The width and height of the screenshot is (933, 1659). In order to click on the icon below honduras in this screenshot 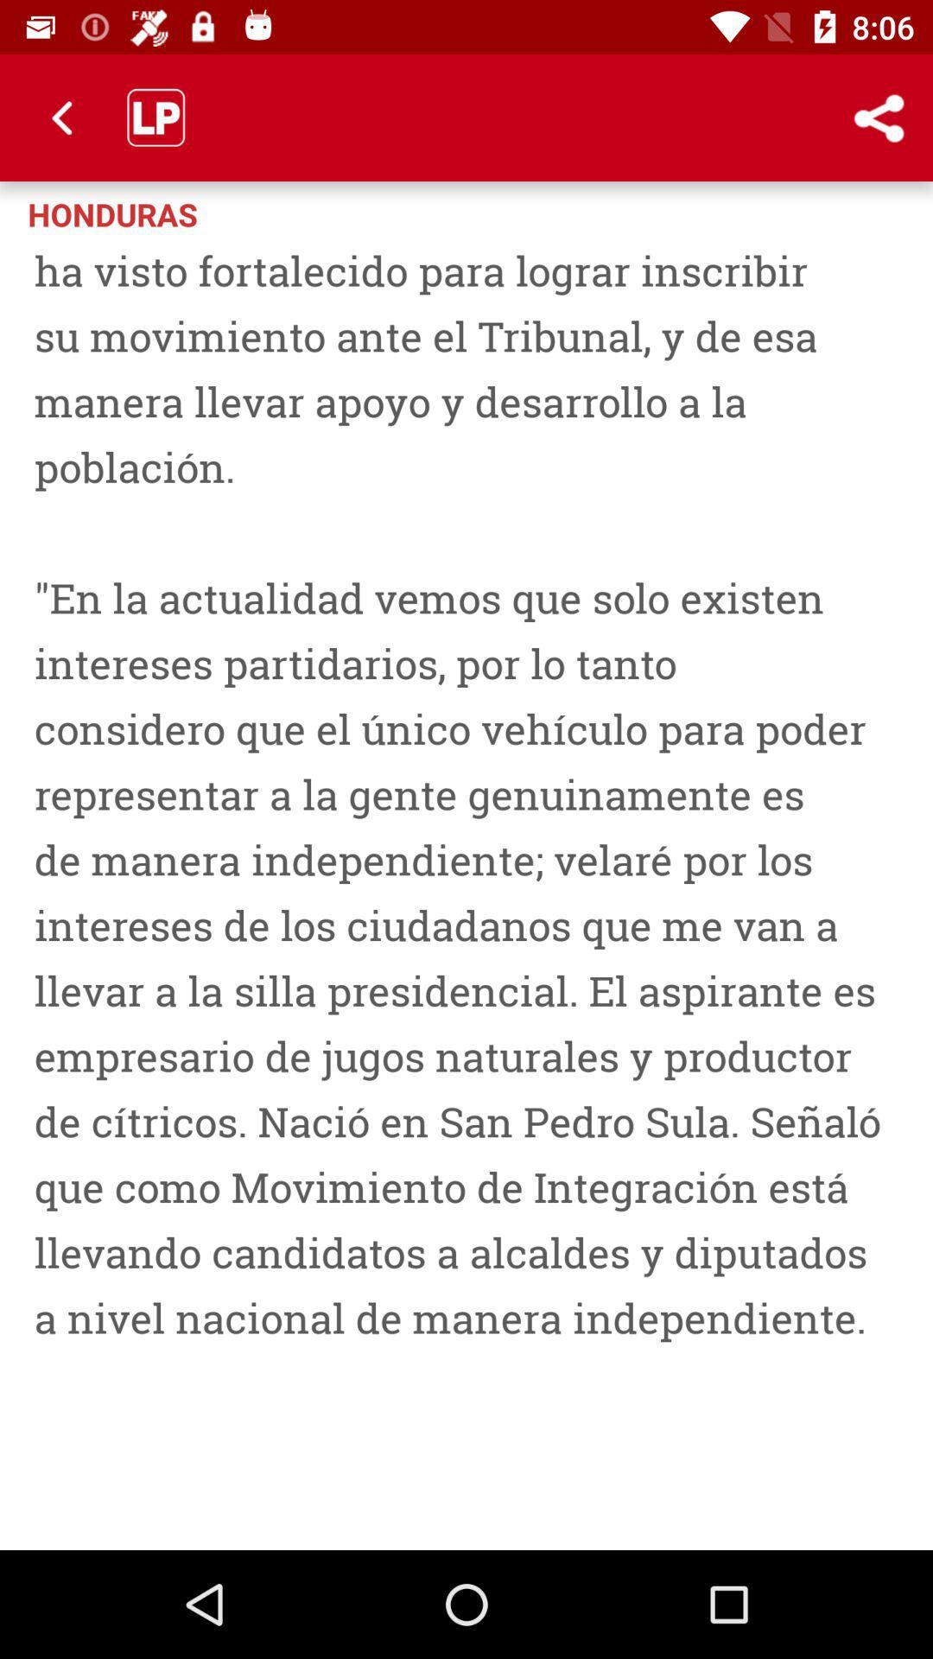, I will do `click(466, 887)`.